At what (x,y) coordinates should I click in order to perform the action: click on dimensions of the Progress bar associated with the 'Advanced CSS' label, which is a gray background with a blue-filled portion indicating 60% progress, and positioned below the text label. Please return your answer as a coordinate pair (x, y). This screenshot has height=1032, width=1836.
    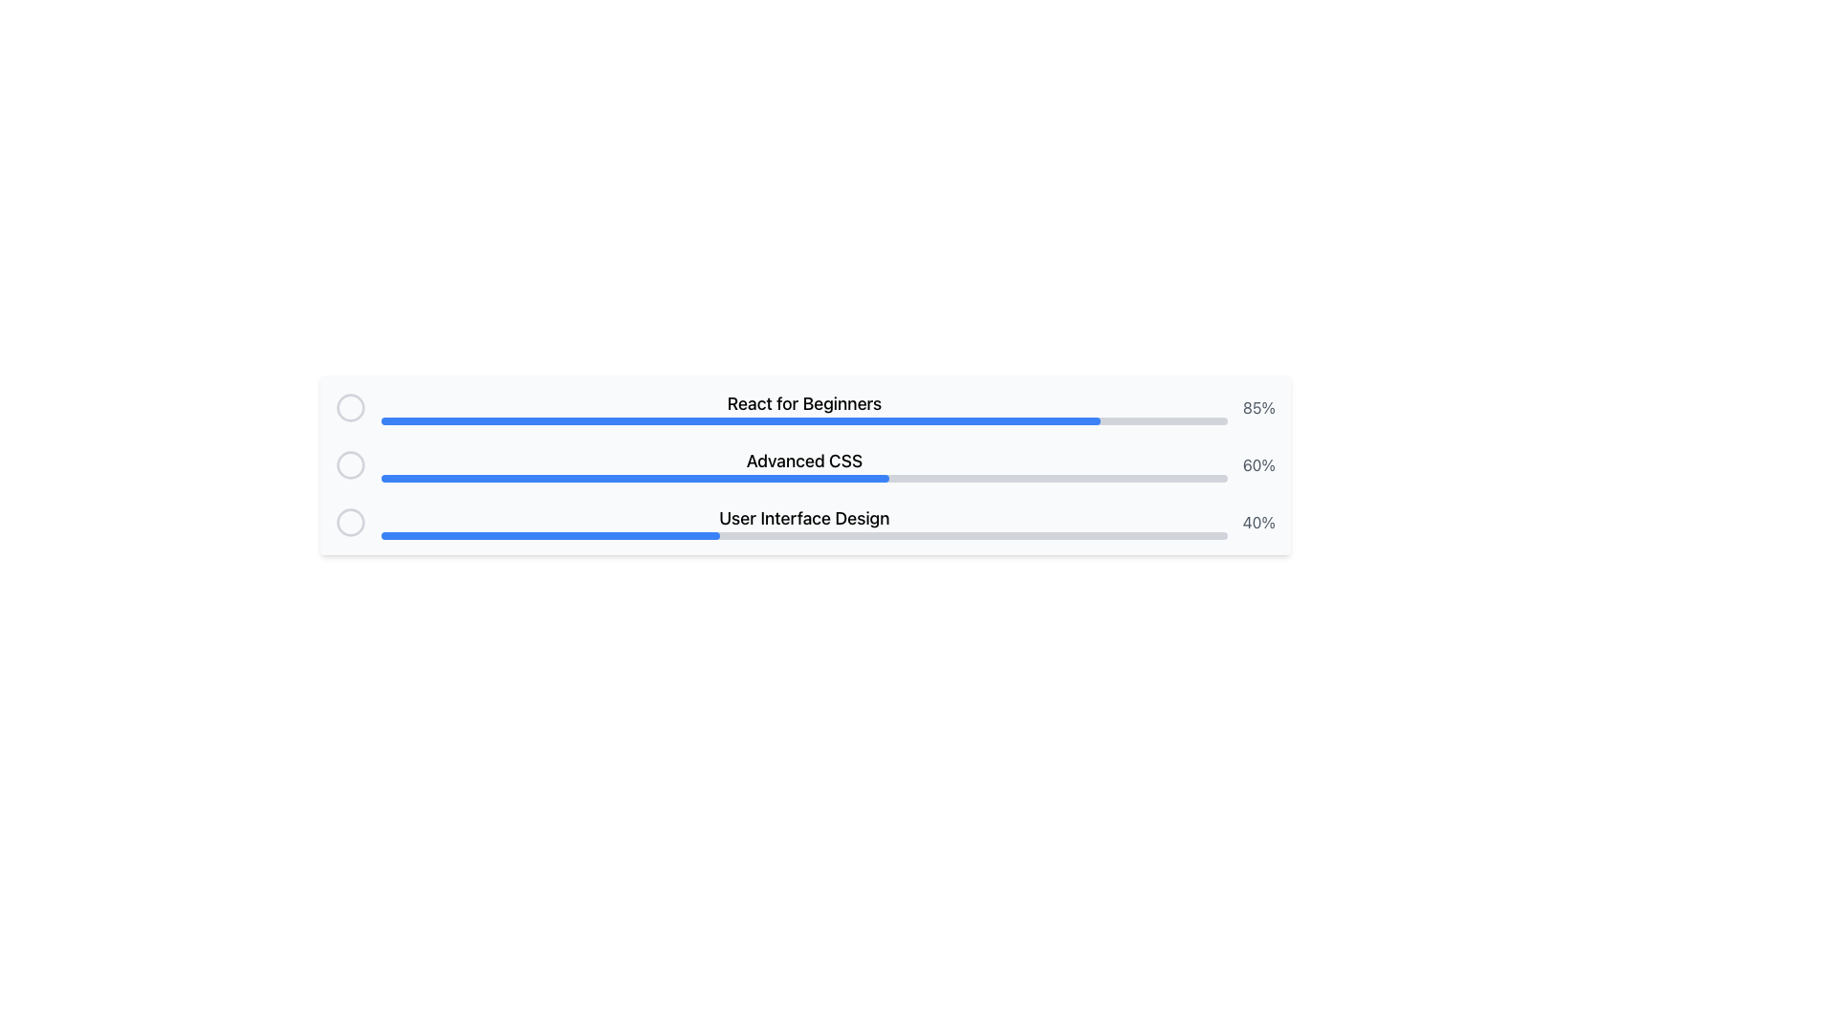
    Looking at the image, I should click on (804, 478).